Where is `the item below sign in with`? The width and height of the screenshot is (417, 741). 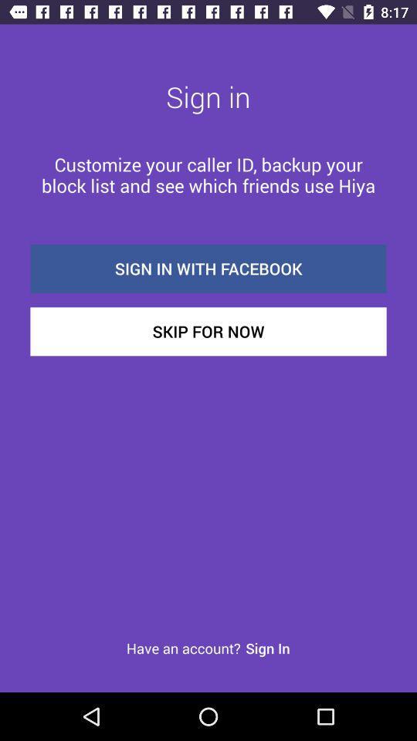
the item below sign in with is located at coordinates (208, 331).